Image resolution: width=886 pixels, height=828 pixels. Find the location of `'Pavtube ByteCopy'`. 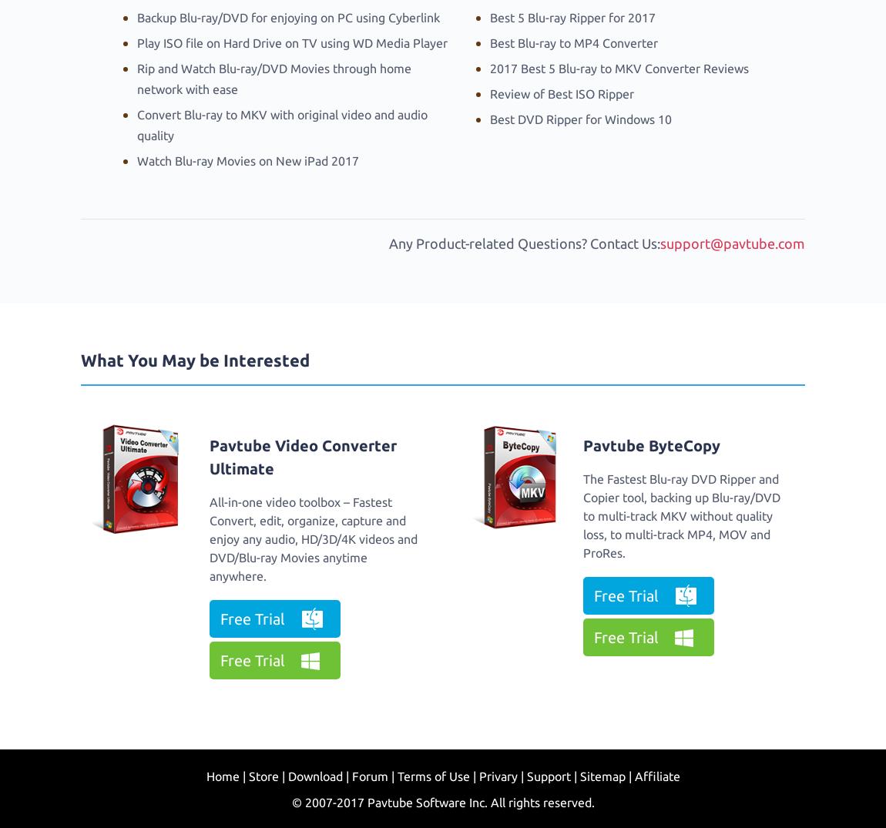

'Pavtube ByteCopy' is located at coordinates (650, 444).